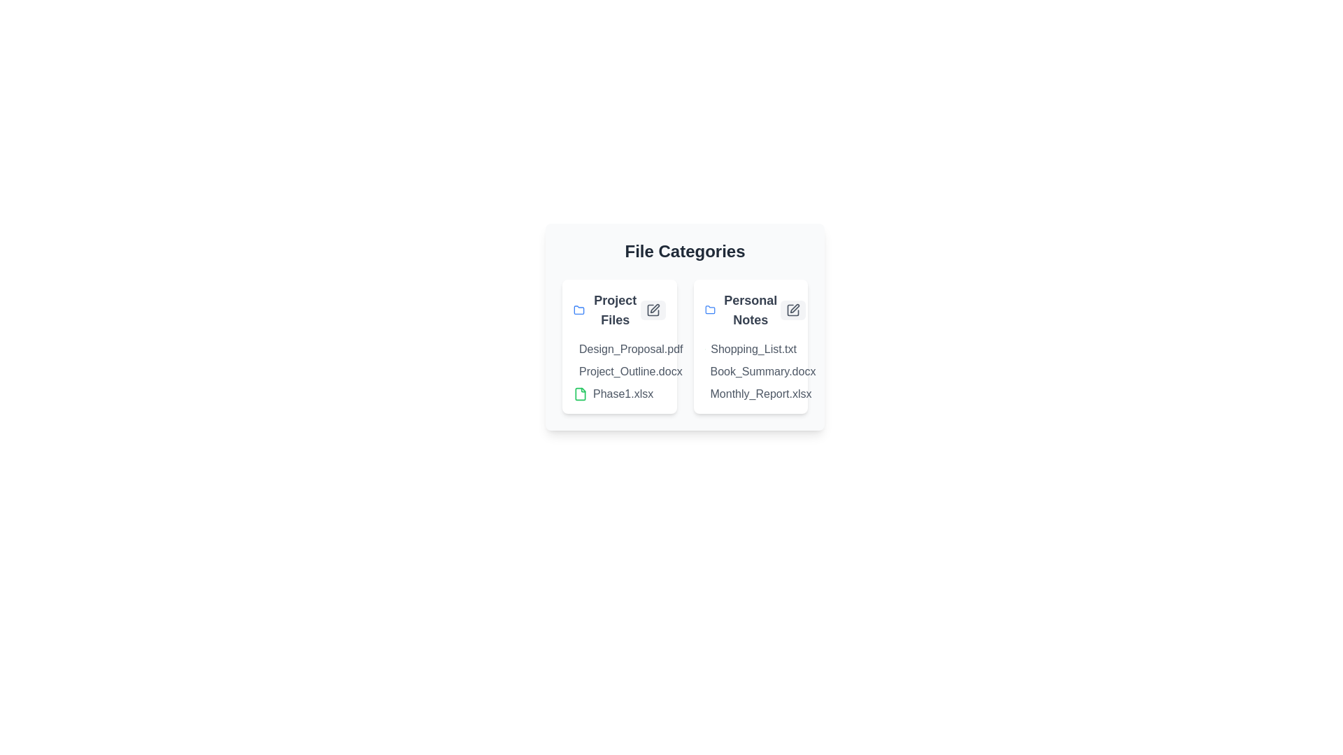 The width and height of the screenshot is (1343, 755). I want to click on the category card labeled Project Files, so click(618, 346).